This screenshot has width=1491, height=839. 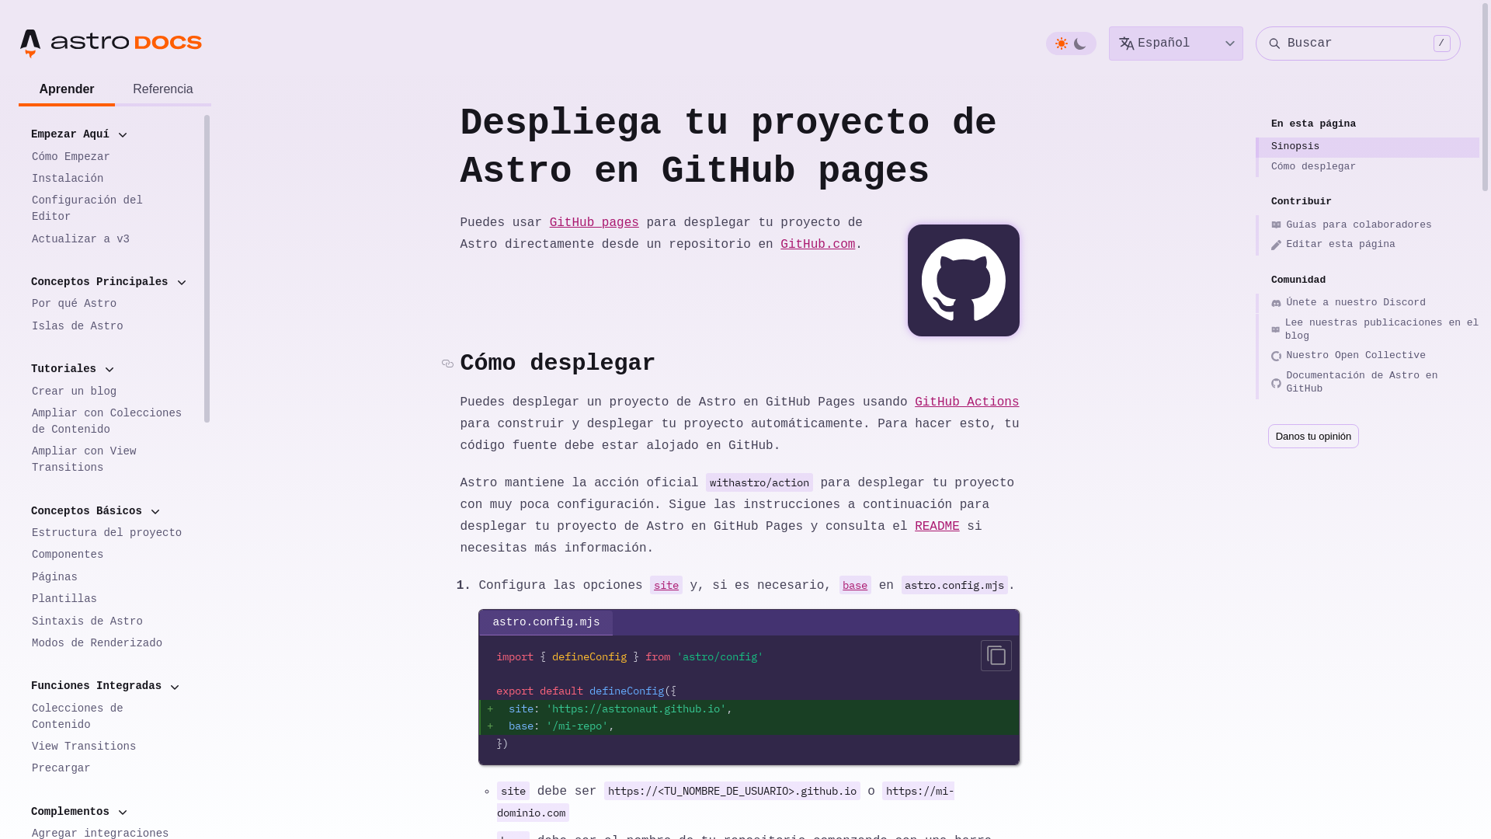 What do you see at coordinates (163, 90) in the screenshot?
I see `'Referencia'` at bounding box center [163, 90].